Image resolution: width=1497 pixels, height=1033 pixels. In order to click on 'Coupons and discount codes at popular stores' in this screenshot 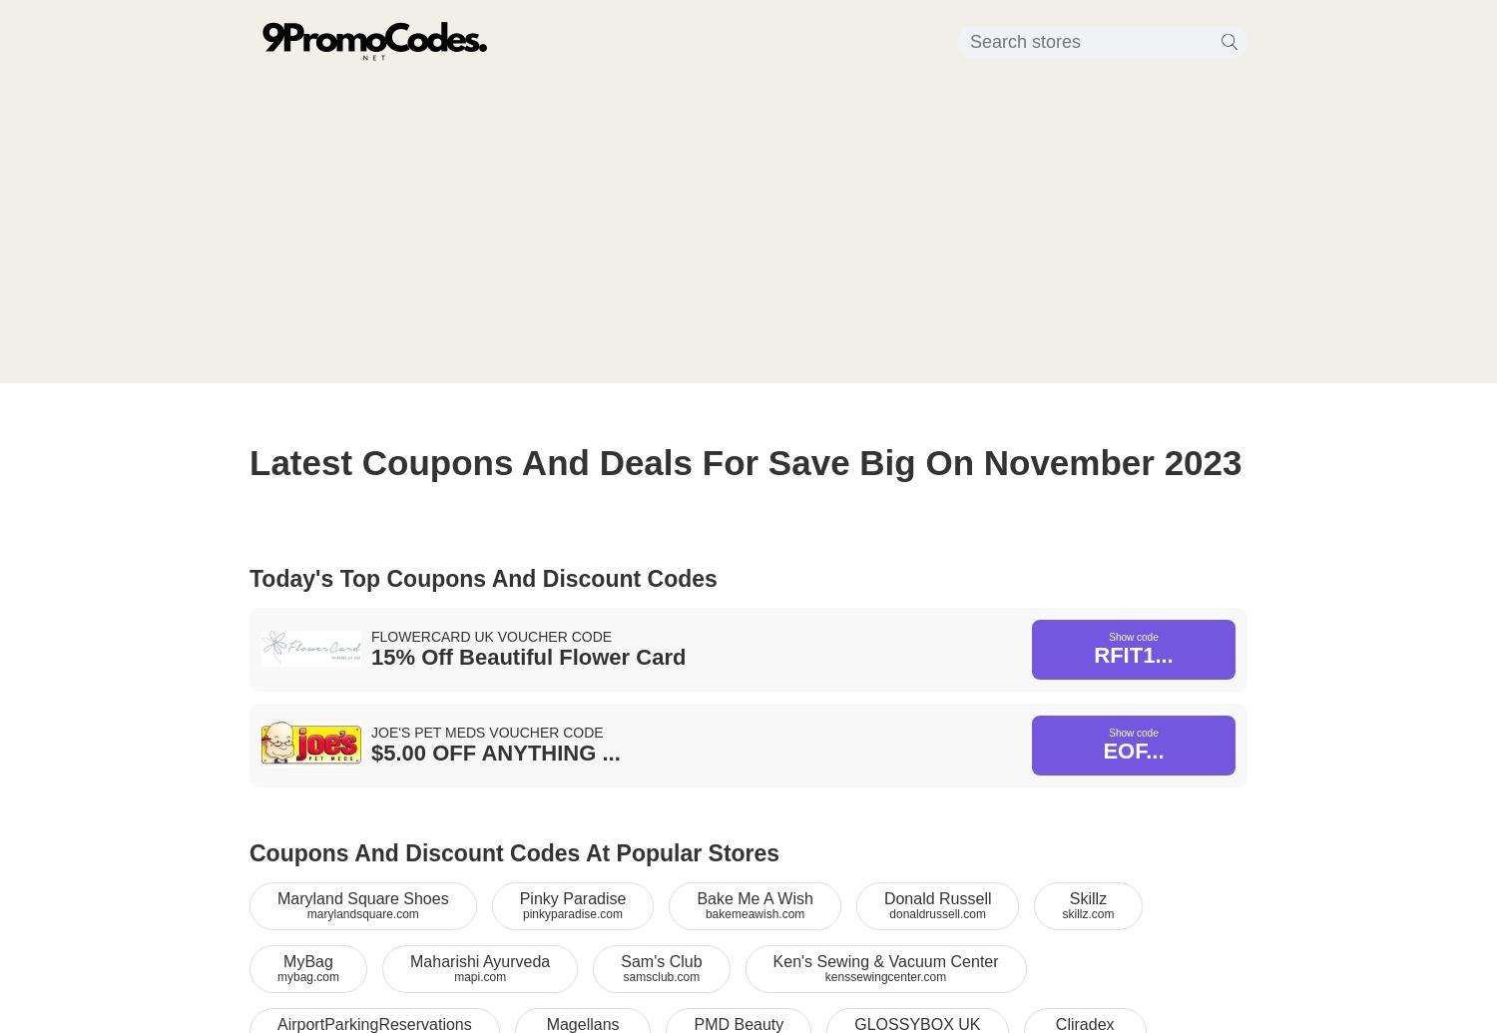, I will do `click(514, 852)`.